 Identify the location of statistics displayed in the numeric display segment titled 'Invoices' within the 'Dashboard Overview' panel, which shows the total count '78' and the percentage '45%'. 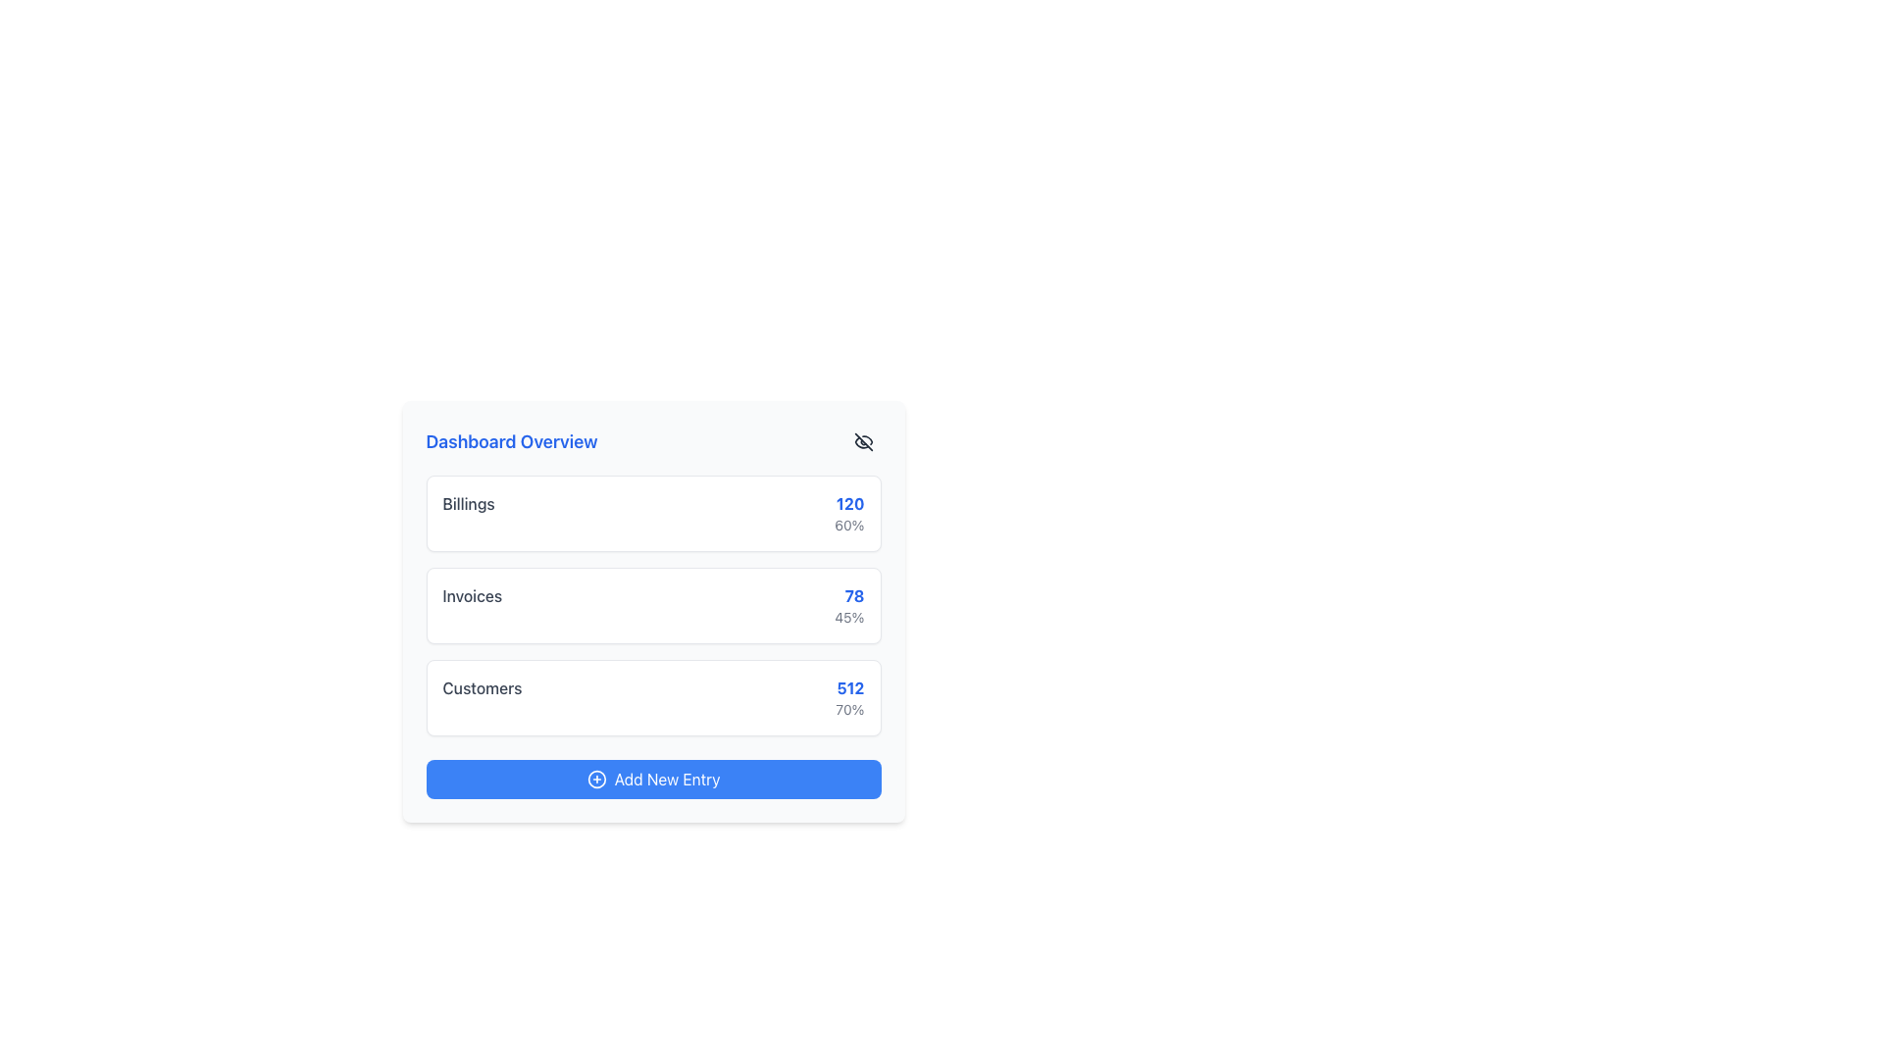
(653, 604).